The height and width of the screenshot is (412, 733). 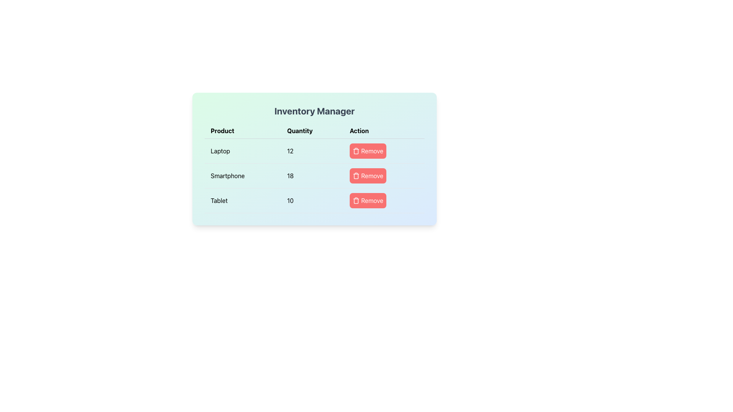 I want to click on the second row in the inventory list table, so click(x=315, y=176).